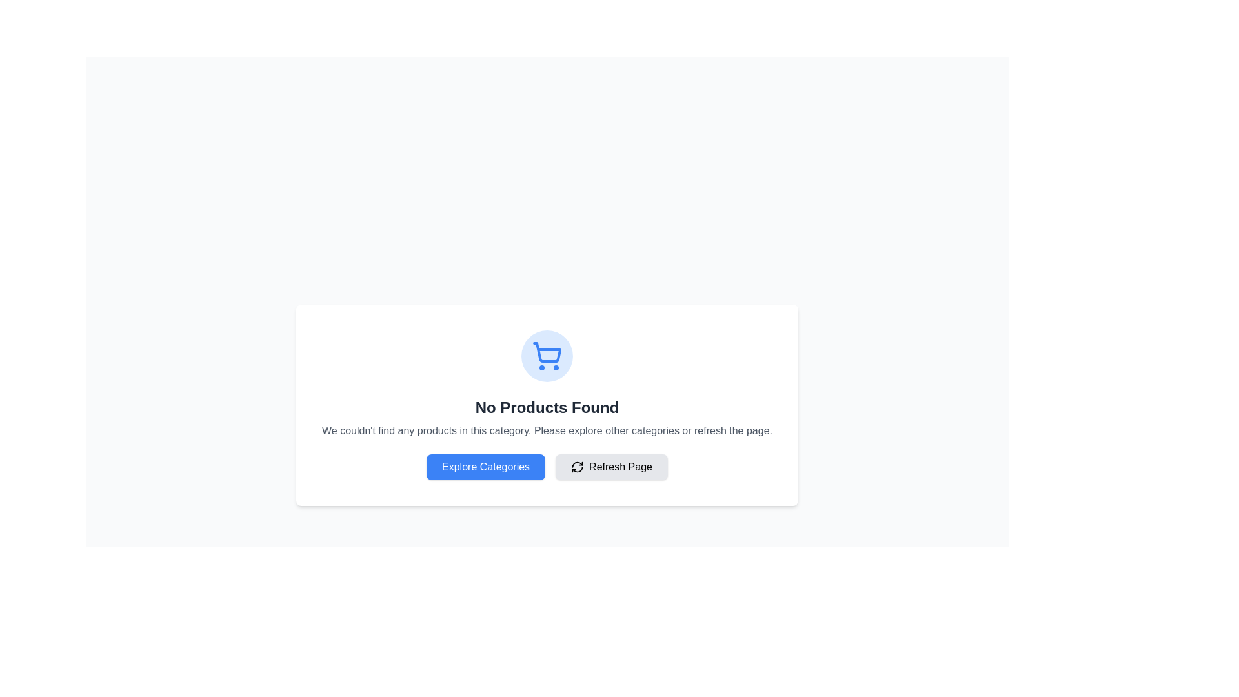  Describe the element at coordinates (577, 467) in the screenshot. I see `the circular refresh icon located on the left edge of the 'Refresh Page' button, which is styled with a light gray background and rounded corners` at that location.